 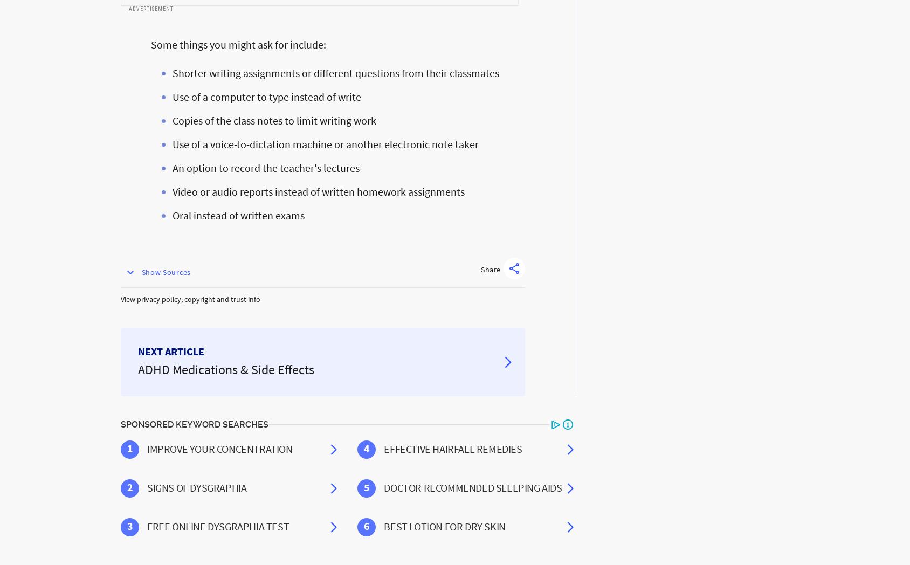 What do you see at coordinates (336, 73) in the screenshot?
I see `'Shorter writing assignments or different questions from their classmates'` at bounding box center [336, 73].